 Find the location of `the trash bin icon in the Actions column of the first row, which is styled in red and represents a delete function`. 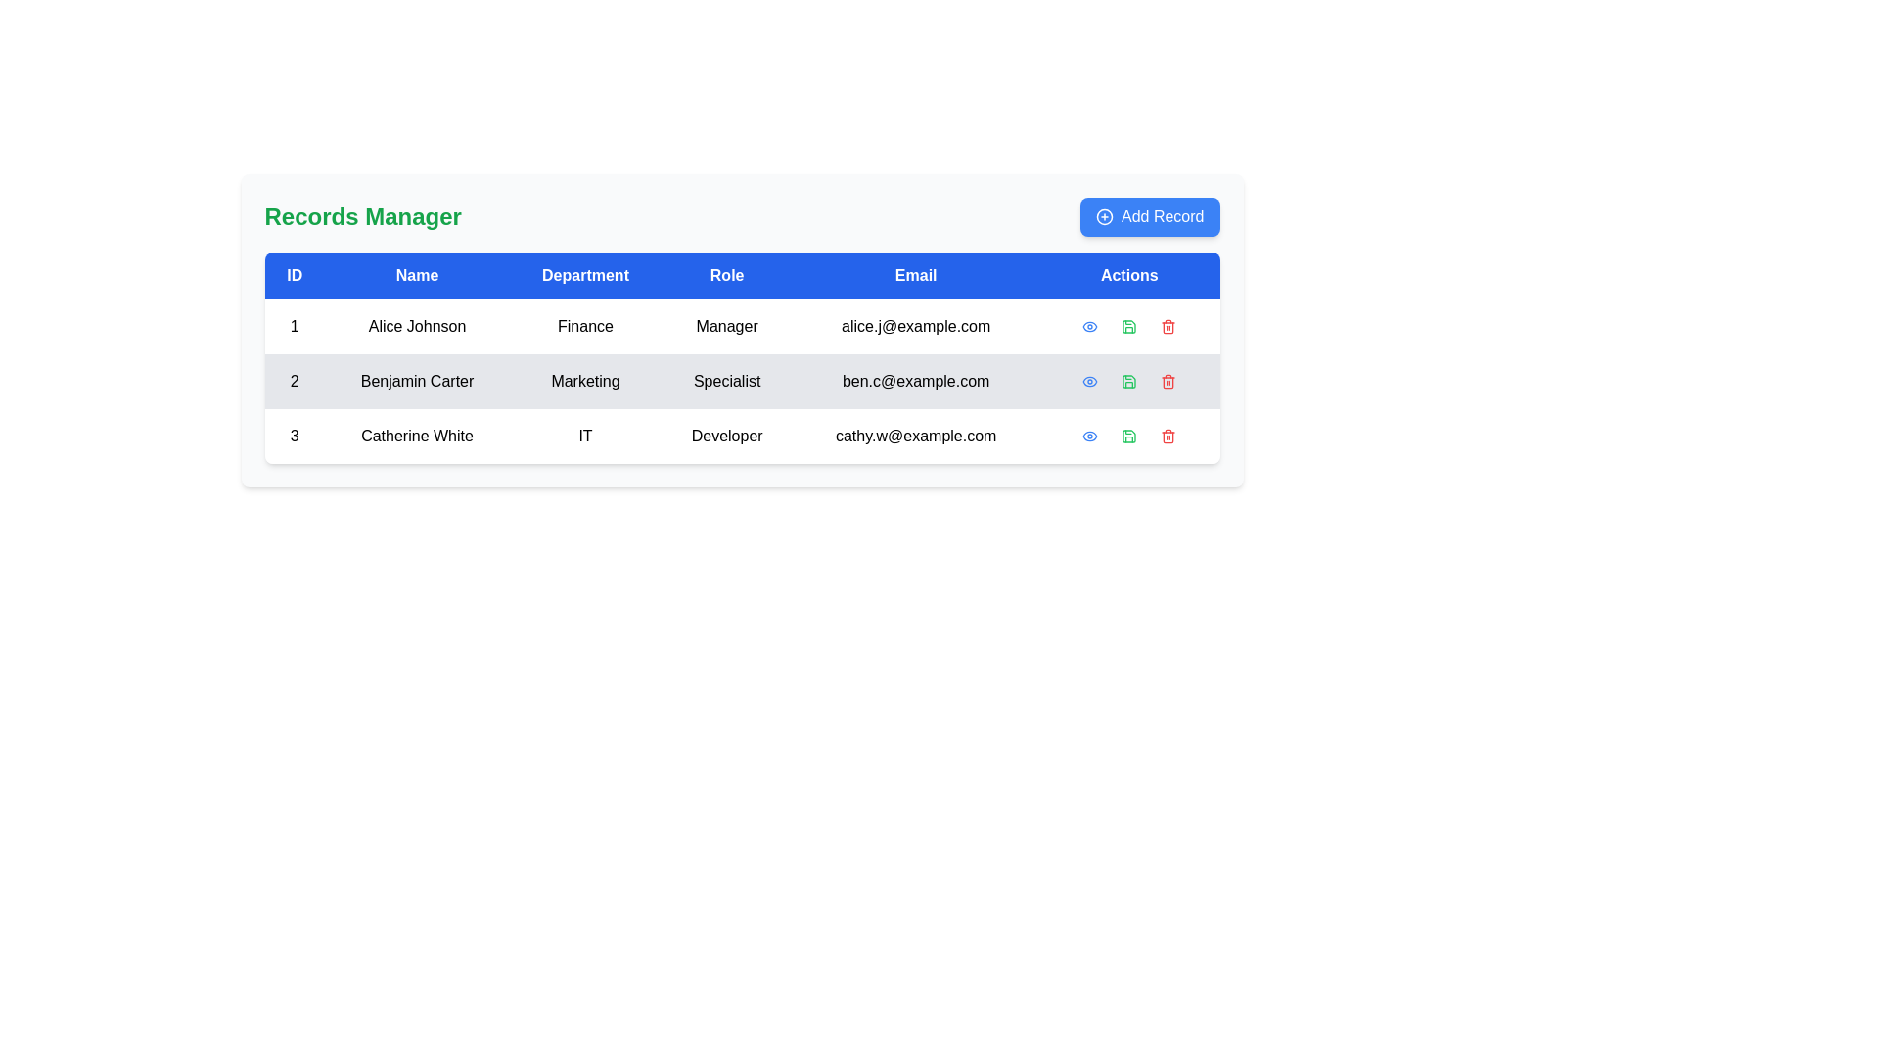

the trash bin icon in the Actions column of the first row, which is styled in red and represents a delete function is located at coordinates (1169, 326).